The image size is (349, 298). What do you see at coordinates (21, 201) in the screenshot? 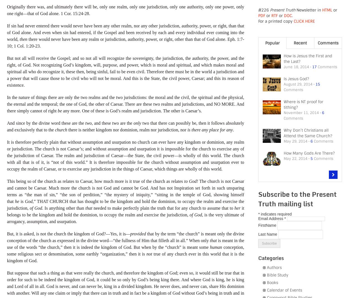
I see `'is'` at bounding box center [21, 201].